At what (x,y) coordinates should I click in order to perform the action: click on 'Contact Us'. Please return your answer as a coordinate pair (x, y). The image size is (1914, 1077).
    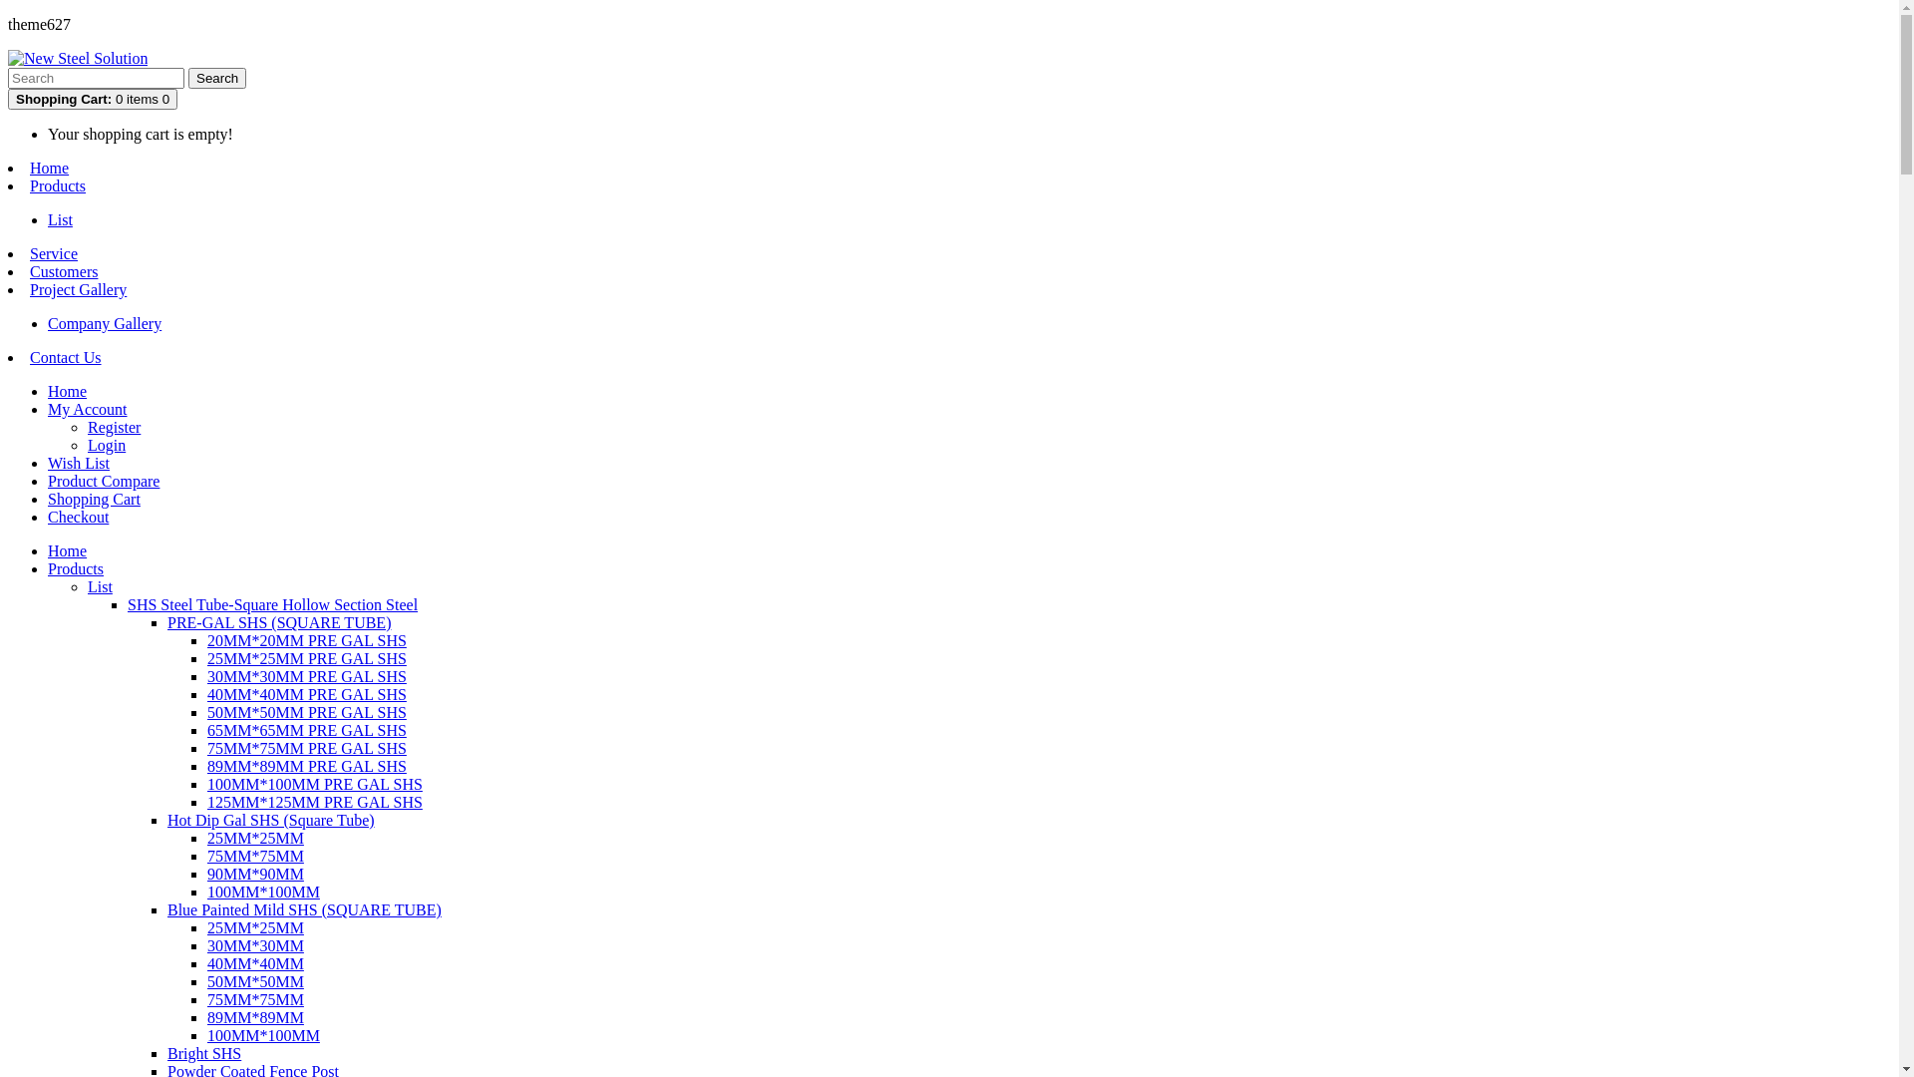
    Looking at the image, I should click on (66, 356).